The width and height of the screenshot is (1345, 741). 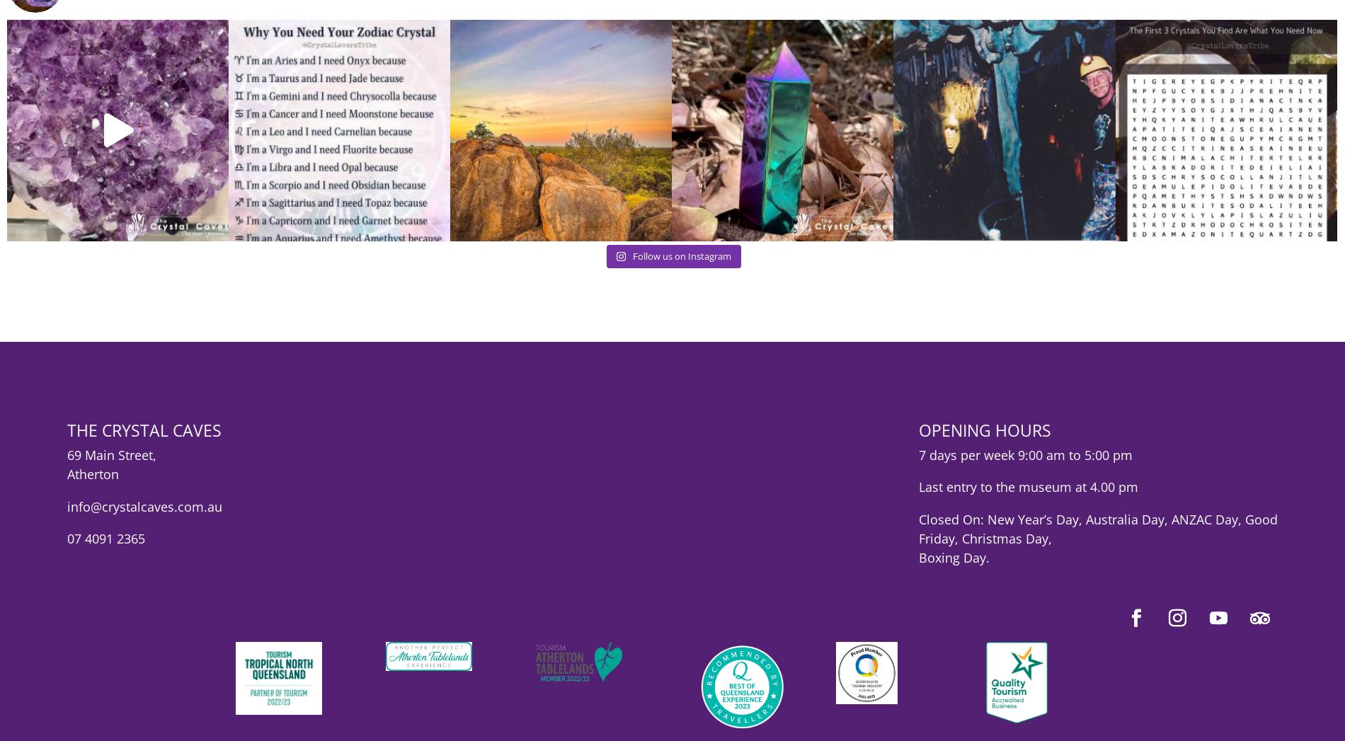 I want to click on 'Boxing Day.', so click(x=952, y=568).